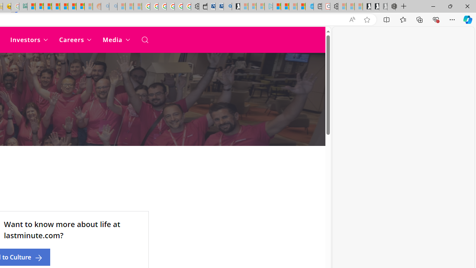 The image size is (476, 268). I want to click on 'Cheap Car Rentals - Save70.com', so click(219, 6).